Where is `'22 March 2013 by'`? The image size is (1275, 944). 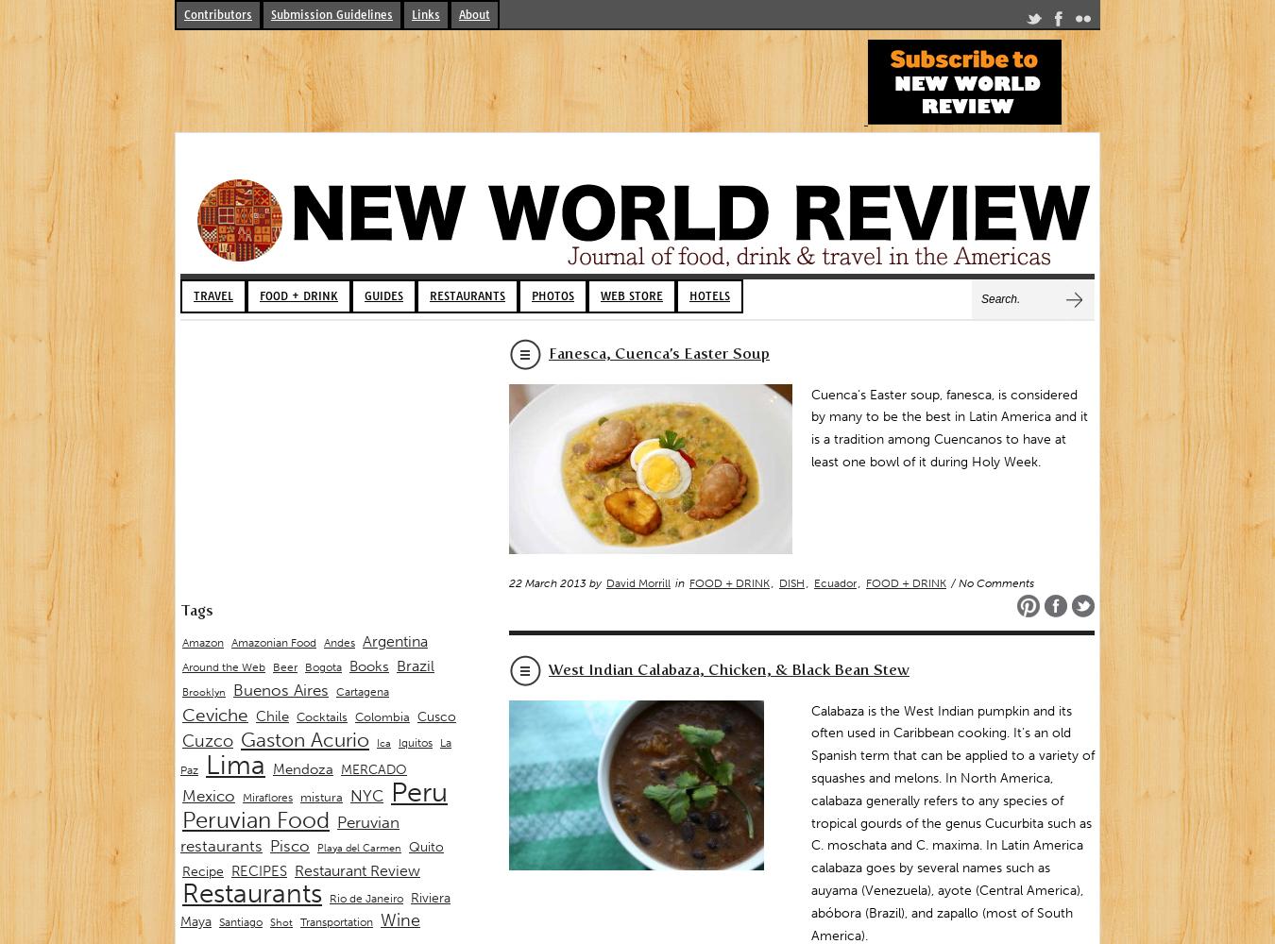 '22 March 2013 by' is located at coordinates (508, 582).